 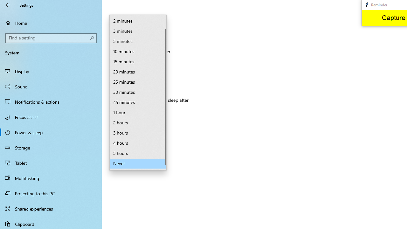 What do you see at coordinates (51, 71) in the screenshot?
I see `'Display'` at bounding box center [51, 71].